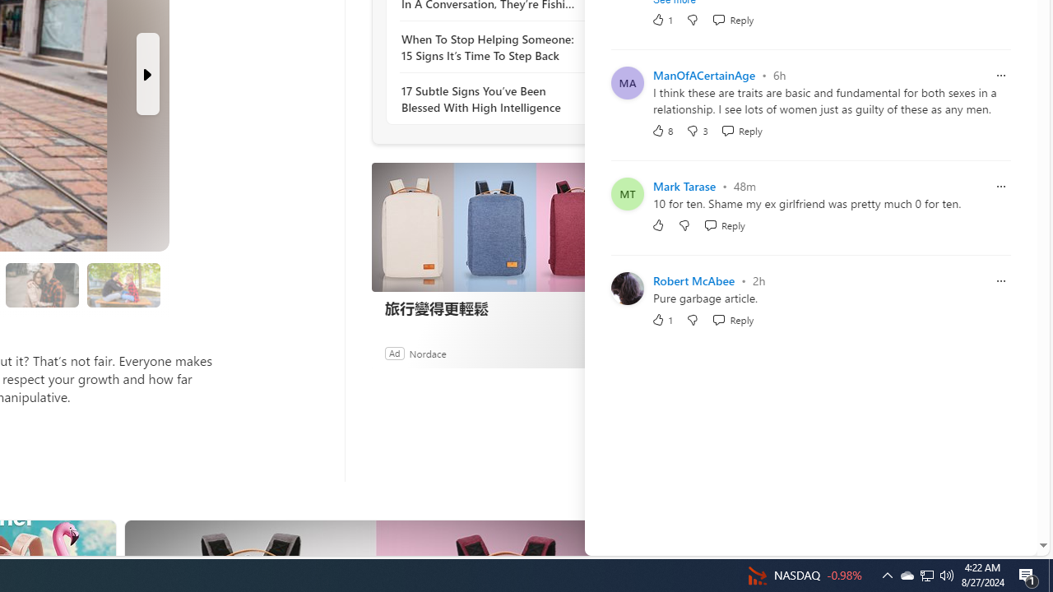 This screenshot has height=592, width=1053. What do you see at coordinates (626, 287) in the screenshot?
I see `'Profile Picture'` at bounding box center [626, 287].